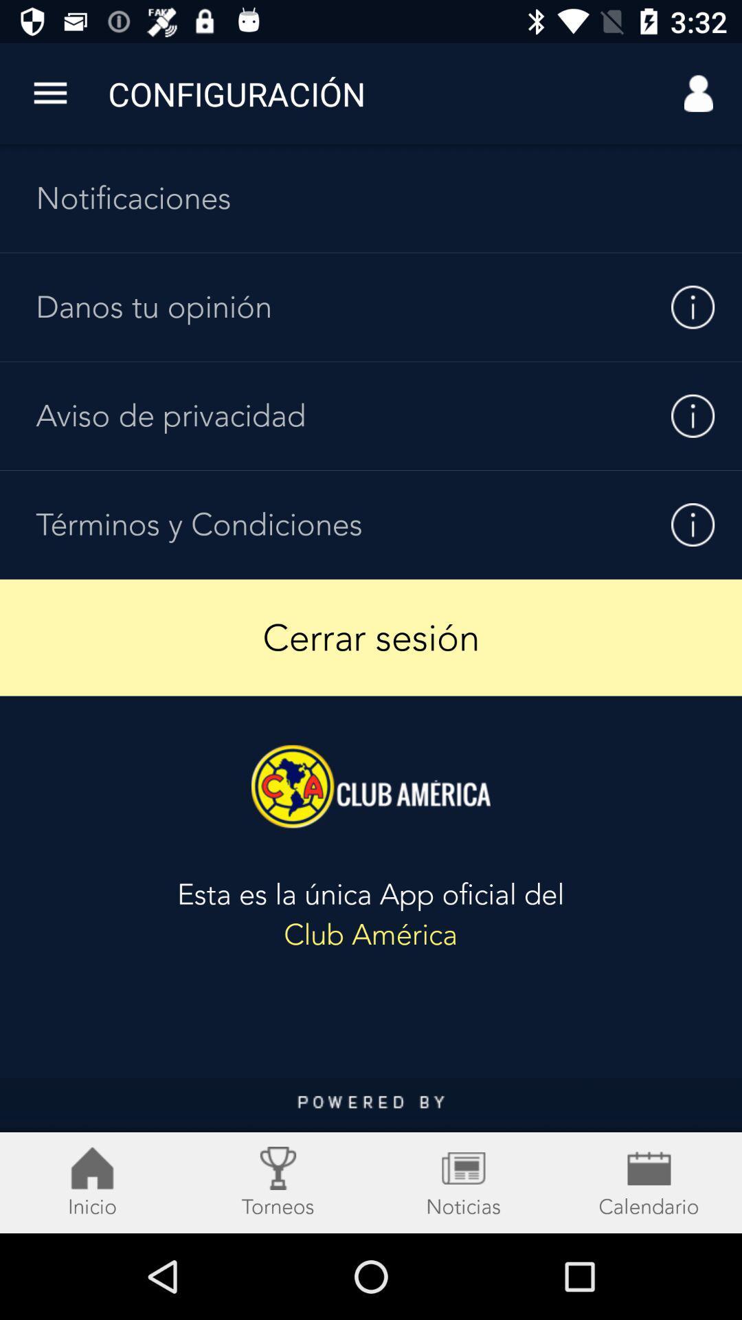 This screenshot has height=1320, width=742. Describe the element at coordinates (93, 1182) in the screenshot. I see `the home icon` at that location.